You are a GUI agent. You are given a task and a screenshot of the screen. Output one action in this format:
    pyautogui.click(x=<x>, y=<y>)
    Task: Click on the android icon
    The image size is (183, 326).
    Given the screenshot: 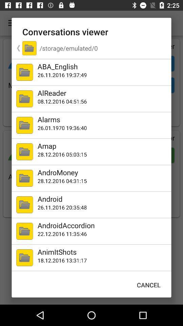 What is the action you would take?
    pyautogui.click(x=103, y=199)
    